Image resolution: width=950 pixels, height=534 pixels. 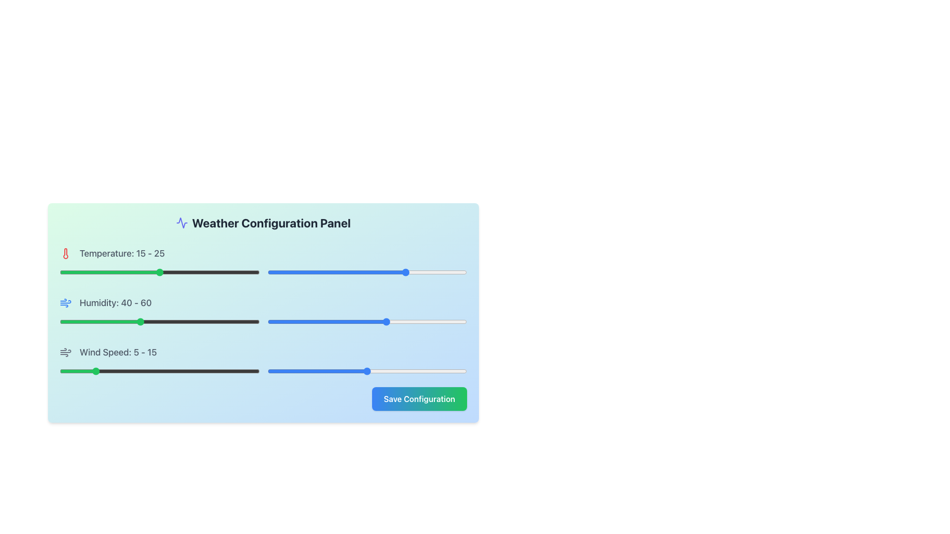 I want to click on the interactive components within the weather configuration panel, which features a gradient background and rounded corners, so click(x=263, y=312).